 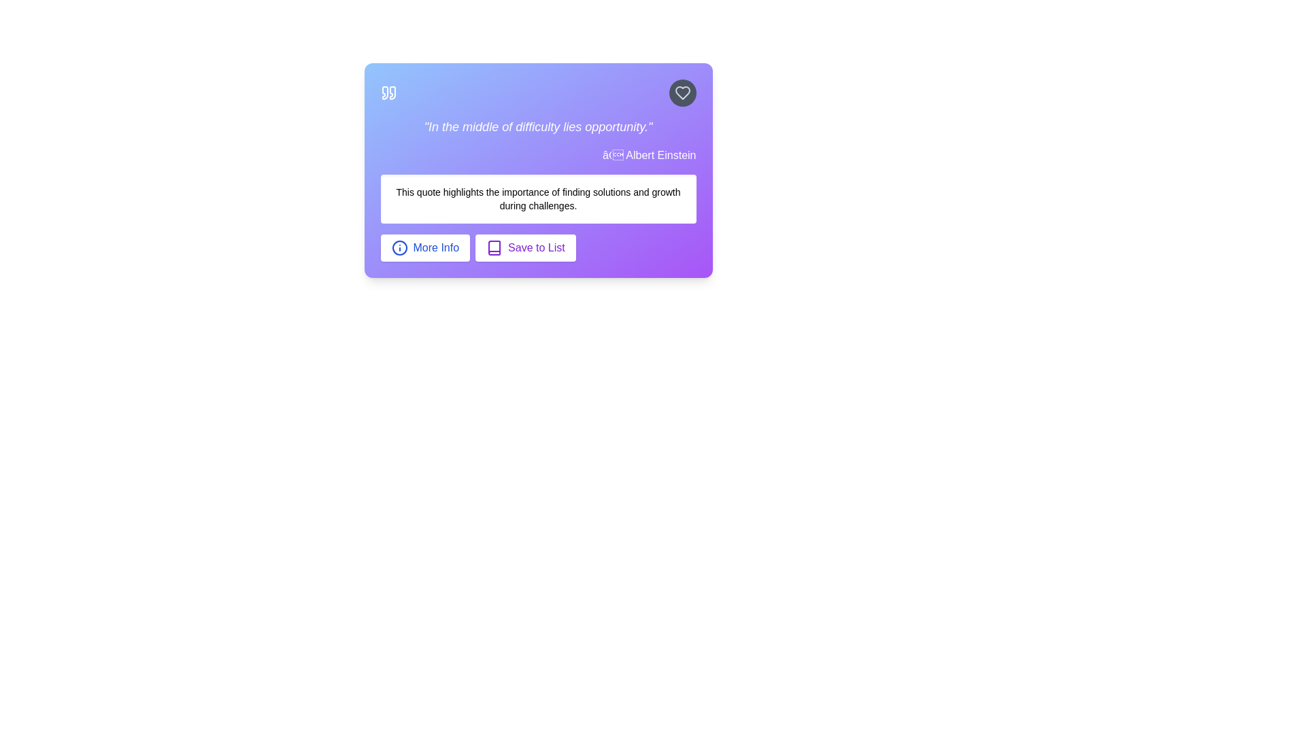 What do you see at coordinates (682, 92) in the screenshot?
I see `the heart-shaped icon in the upper-right corner of the card` at bounding box center [682, 92].